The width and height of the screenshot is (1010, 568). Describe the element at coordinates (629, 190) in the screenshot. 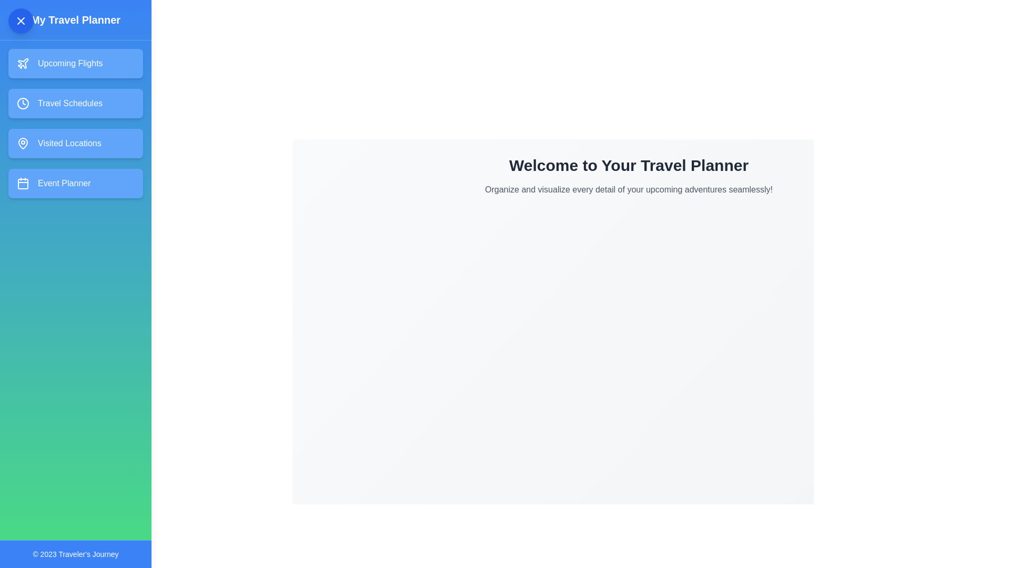

I see `text element containing the message 'Organize and visualize every detail of your upcoming adventures seamlessly!' which is styled in gray and positioned below the header 'Welcome to Your Travel Planner'` at that location.